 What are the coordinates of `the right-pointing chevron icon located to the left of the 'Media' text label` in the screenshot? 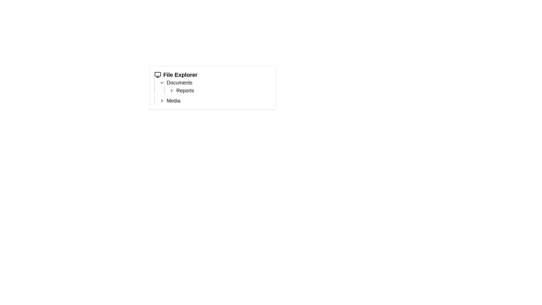 It's located at (161, 101).